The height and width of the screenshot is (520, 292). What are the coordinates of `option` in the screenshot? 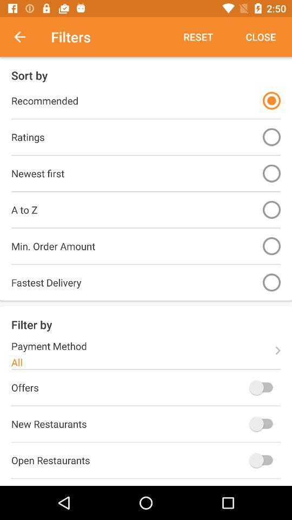 It's located at (271, 136).